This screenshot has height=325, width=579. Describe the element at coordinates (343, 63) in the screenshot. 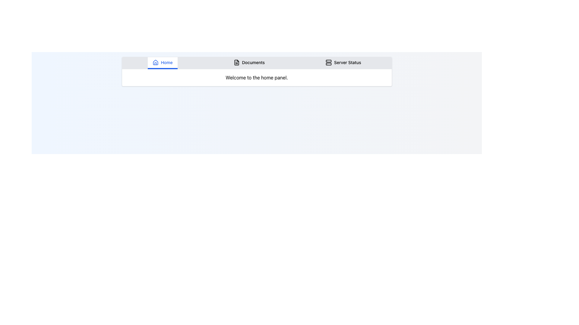

I see `the 'Server Status' button` at that location.